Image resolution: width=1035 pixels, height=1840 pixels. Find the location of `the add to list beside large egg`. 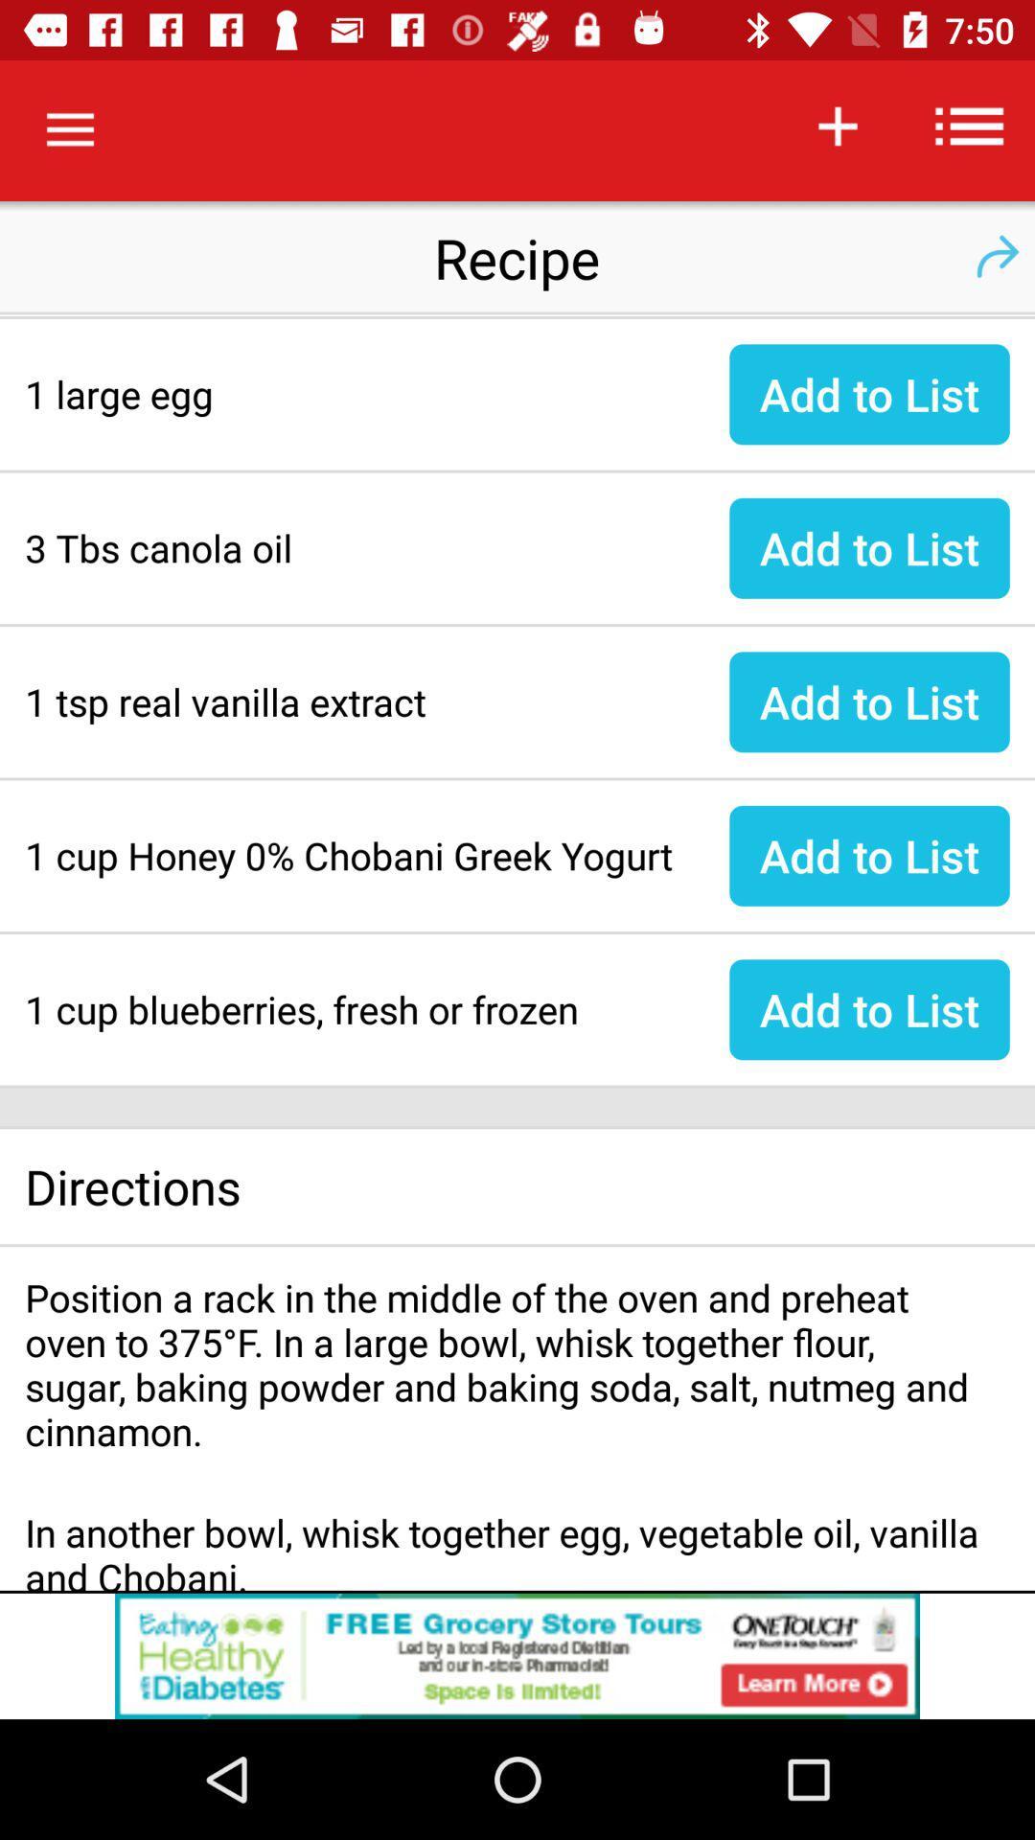

the add to list beside large egg is located at coordinates (869, 393).